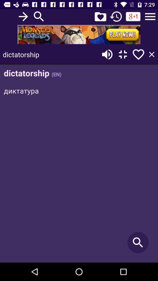  What do you see at coordinates (150, 16) in the screenshot?
I see `the menu icon` at bounding box center [150, 16].